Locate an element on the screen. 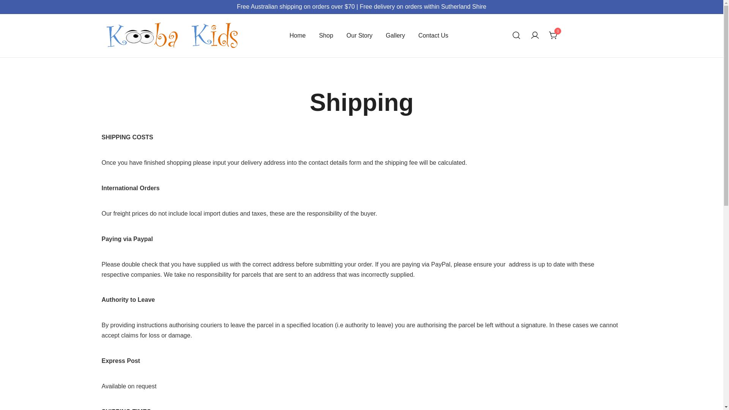 Image resolution: width=729 pixels, height=410 pixels. '0' is located at coordinates (554, 35).